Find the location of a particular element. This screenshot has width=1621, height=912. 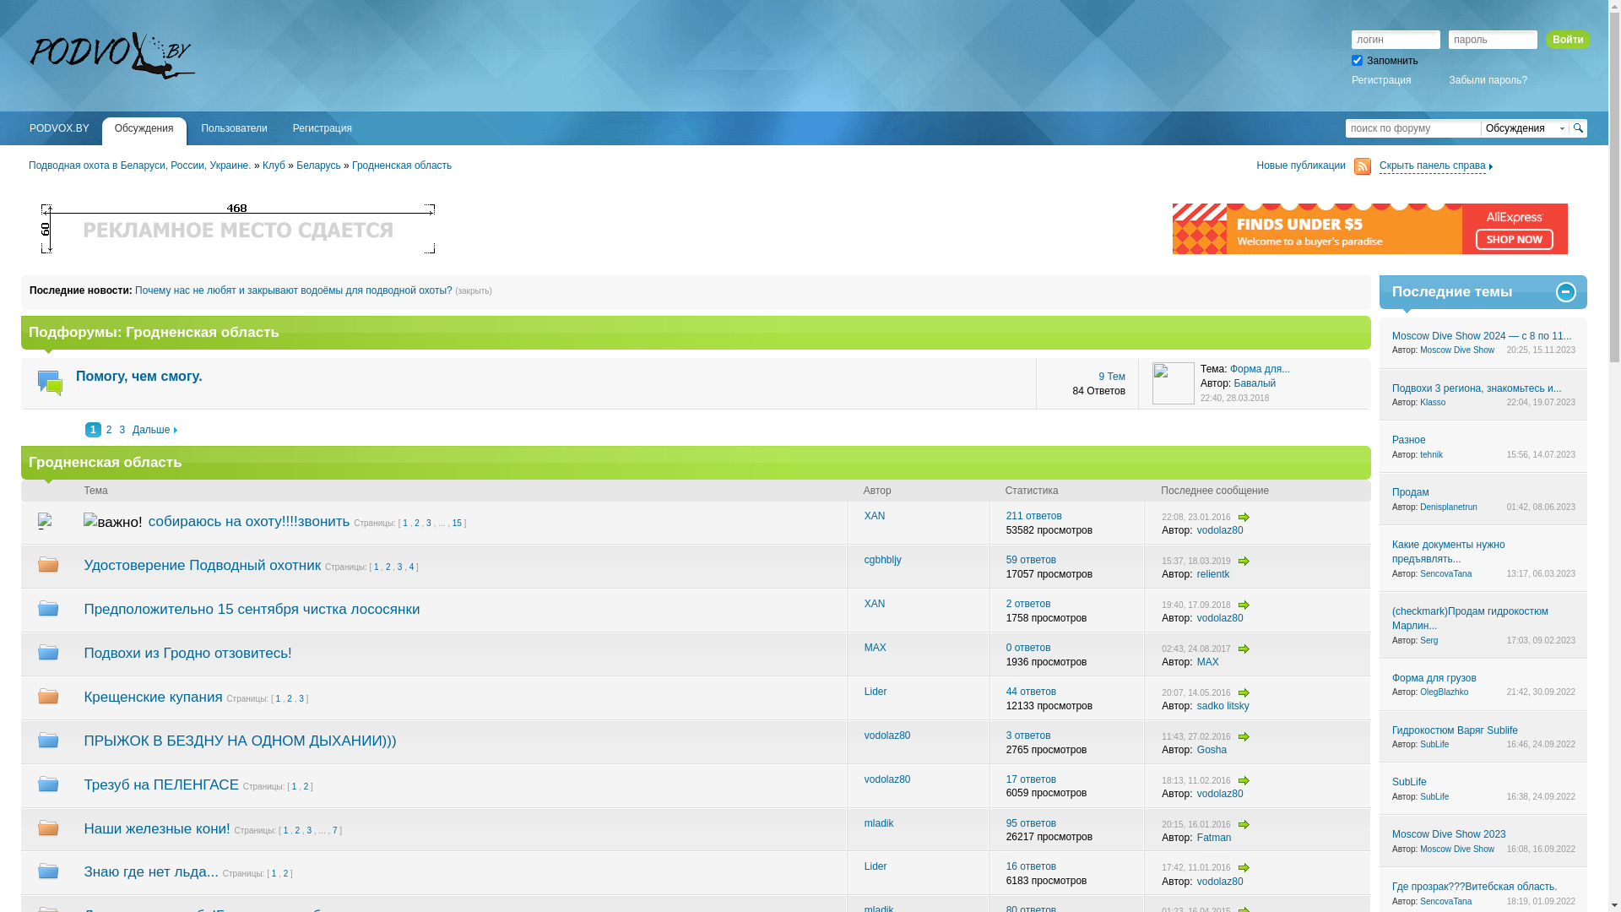

'Moscow Dive Show' is located at coordinates (1456, 349).